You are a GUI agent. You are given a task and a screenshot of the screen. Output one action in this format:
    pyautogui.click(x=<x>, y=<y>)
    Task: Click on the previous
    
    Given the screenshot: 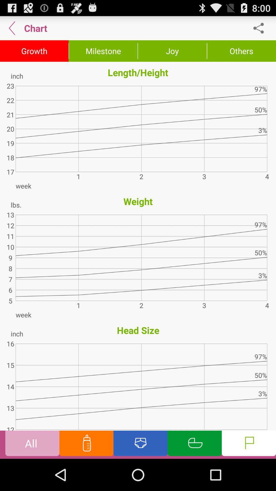 What is the action you would take?
    pyautogui.click(x=12, y=28)
    